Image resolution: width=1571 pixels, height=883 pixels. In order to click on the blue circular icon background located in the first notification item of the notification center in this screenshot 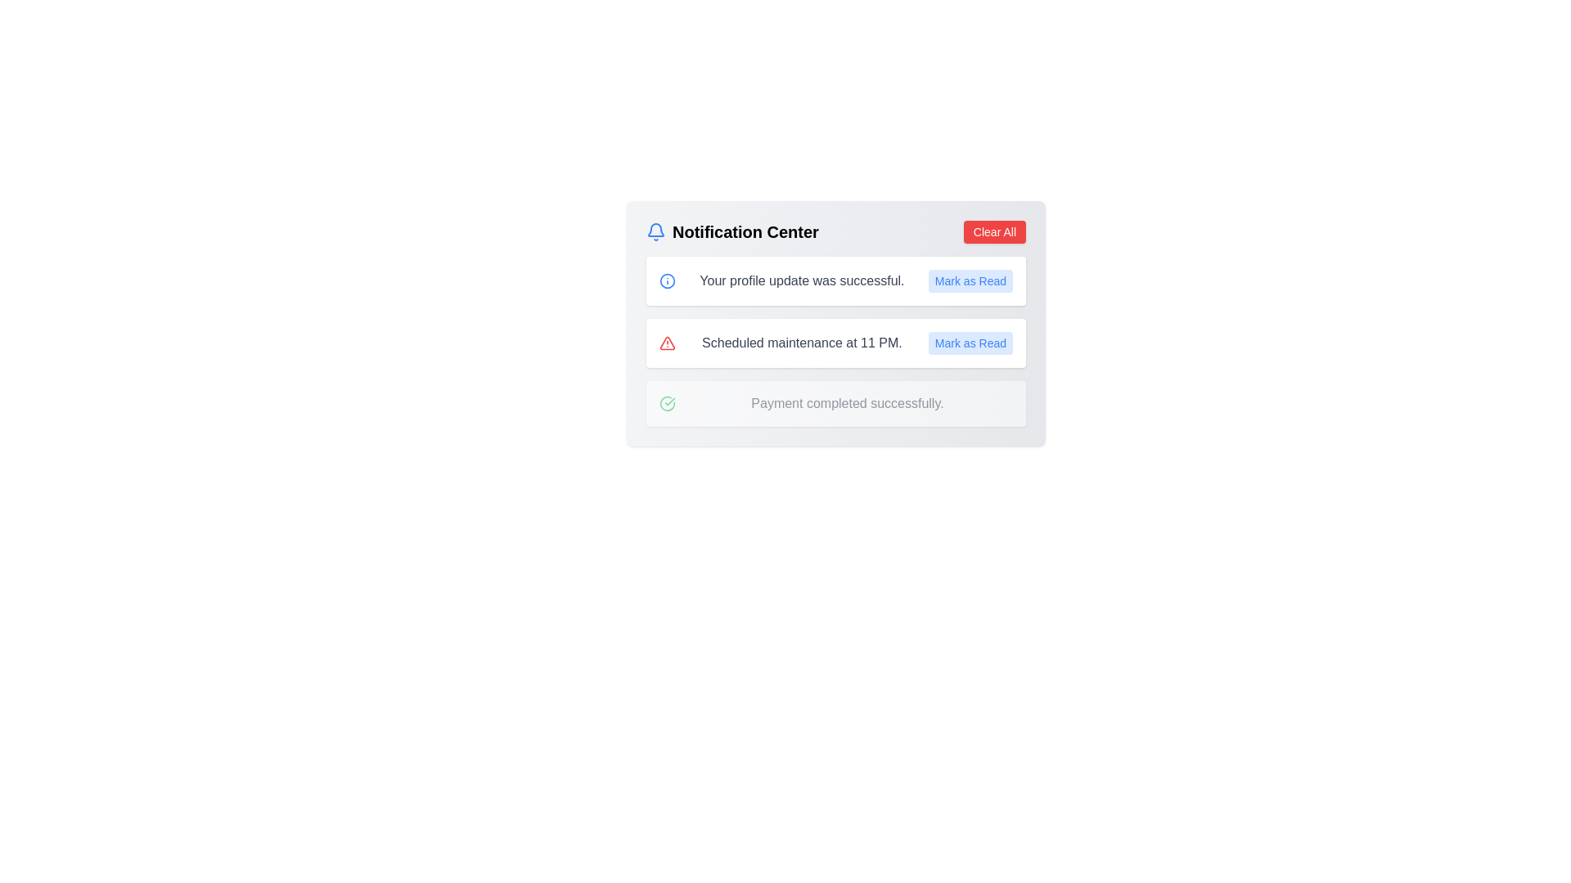, I will do `click(668, 280)`.